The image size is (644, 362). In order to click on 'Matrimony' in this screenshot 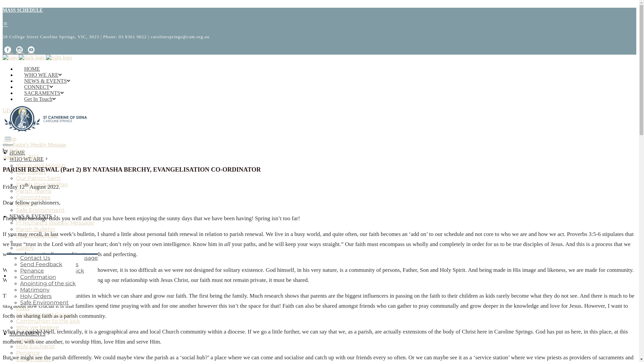, I will do `click(35, 289)`.